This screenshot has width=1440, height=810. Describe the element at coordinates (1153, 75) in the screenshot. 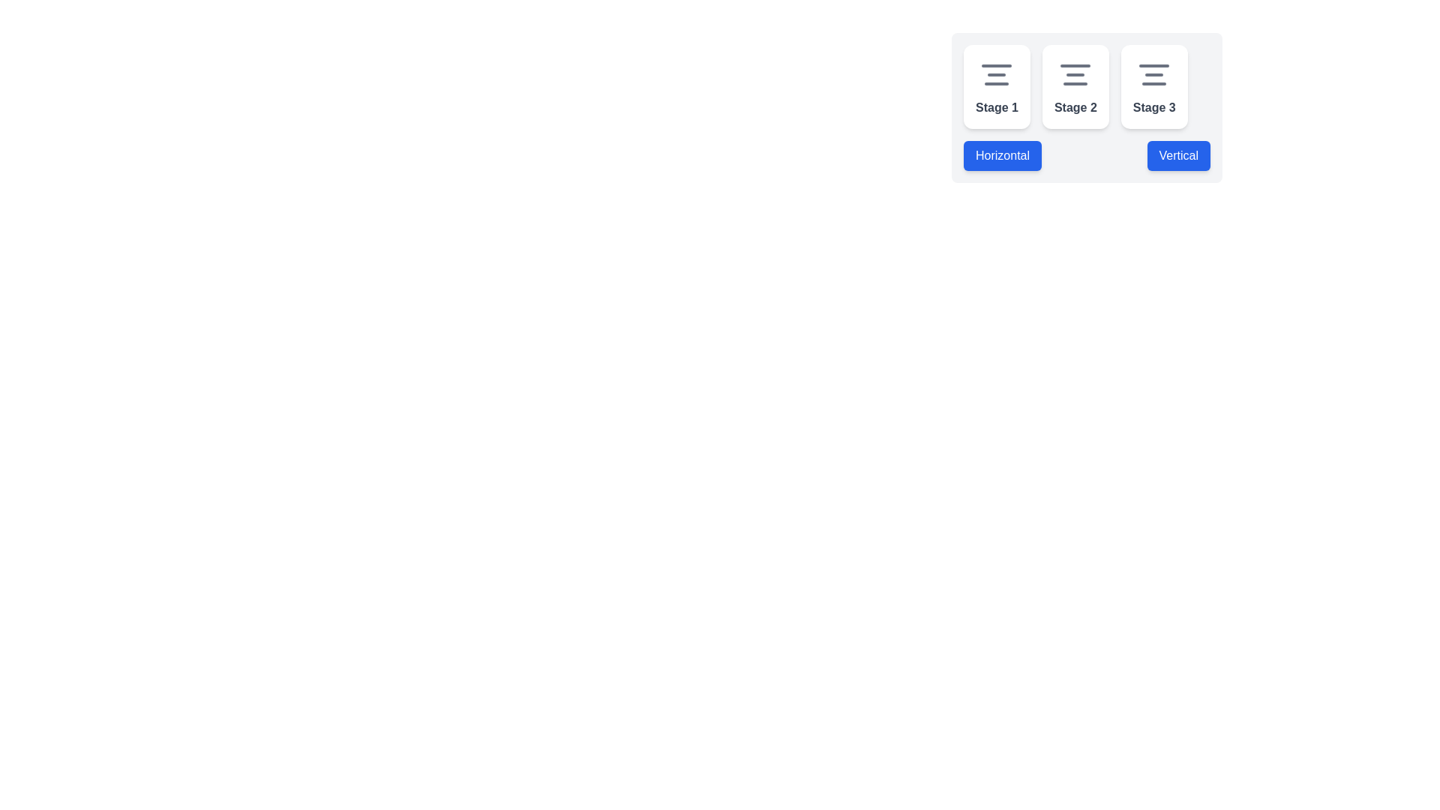

I see `the decorative SVG icon located at the top center of the 'Stage 3' card, positioned above the text 'Stage 3'` at that location.